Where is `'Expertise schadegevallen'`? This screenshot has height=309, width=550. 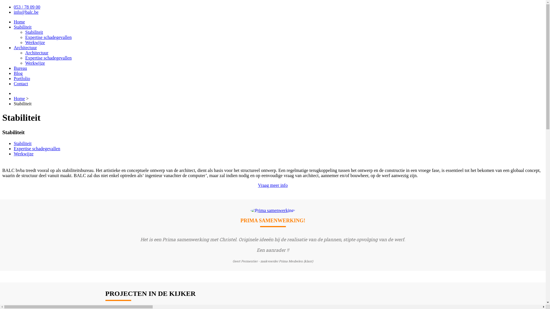
'Expertise schadegevallen' is located at coordinates (48, 37).